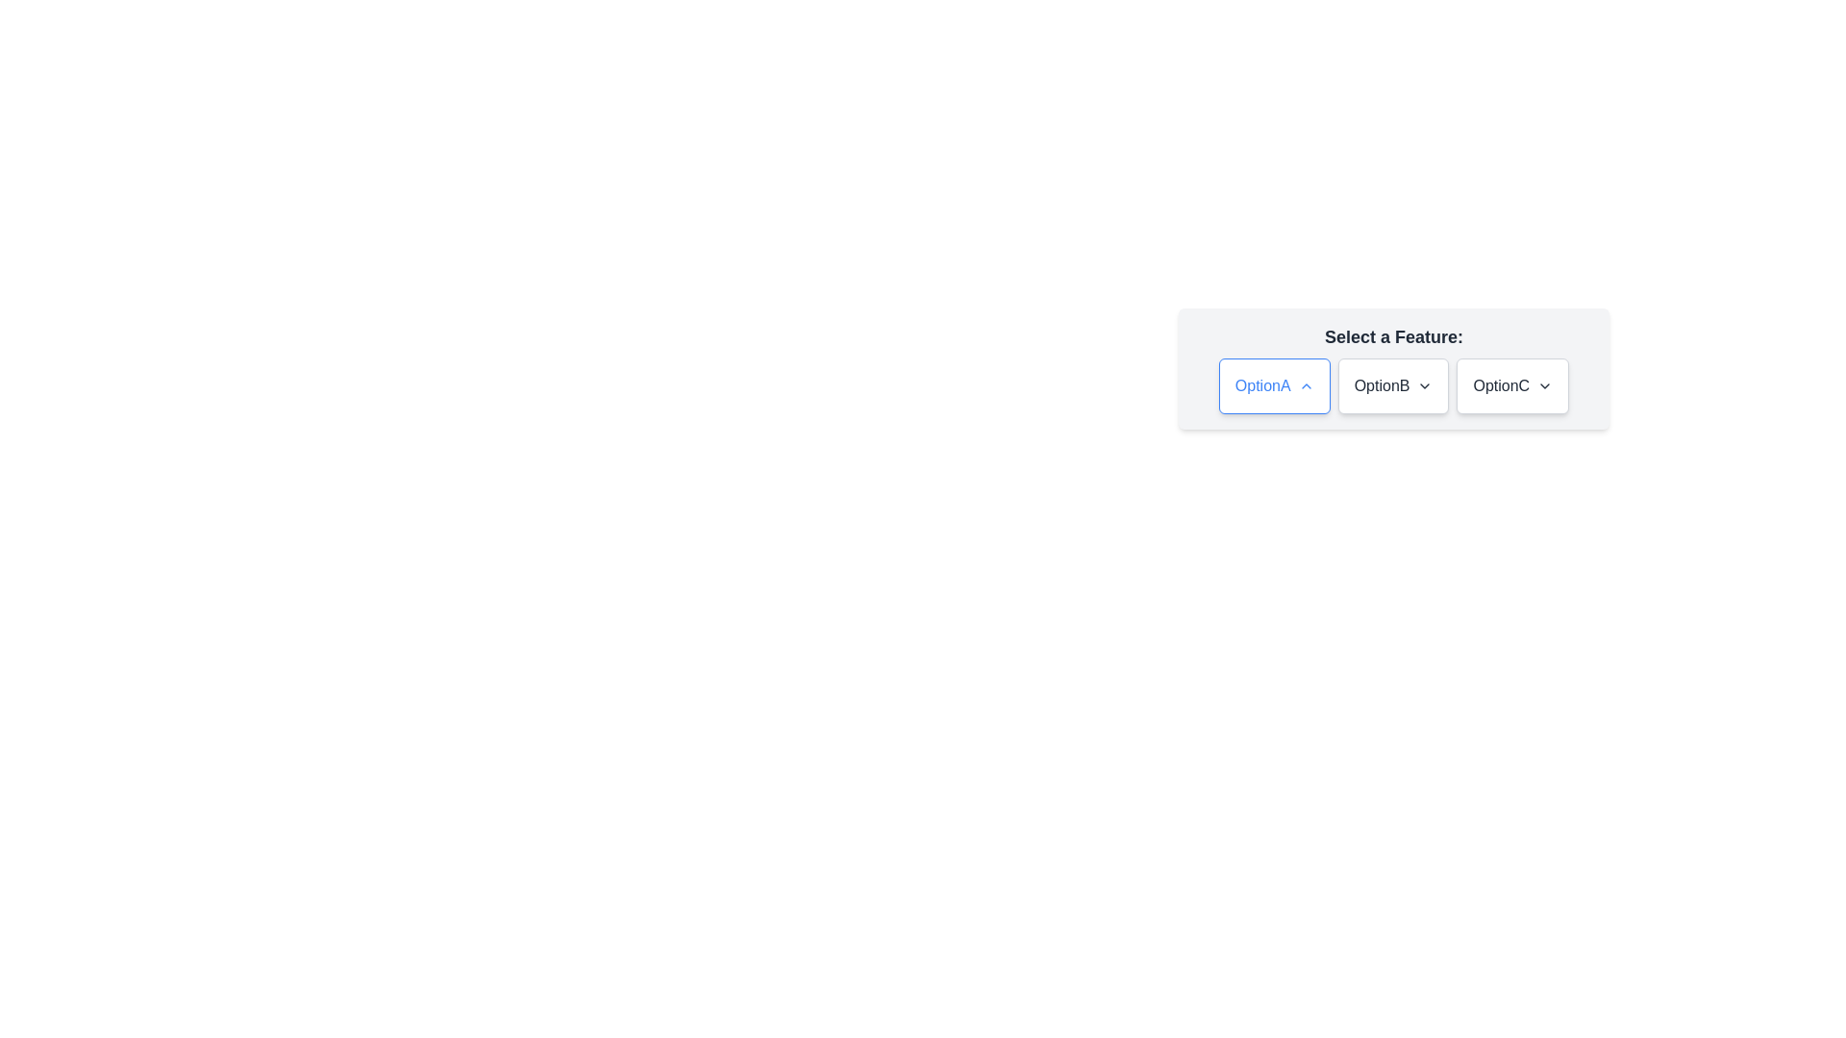 The height and width of the screenshot is (1038, 1846). What do you see at coordinates (1500, 385) in the screenshot?
I see `label for the third selectable option, which is labeled 'OptionC' and is located to the far right in a horizontal layout of options` at bounding box center [1500, 385].